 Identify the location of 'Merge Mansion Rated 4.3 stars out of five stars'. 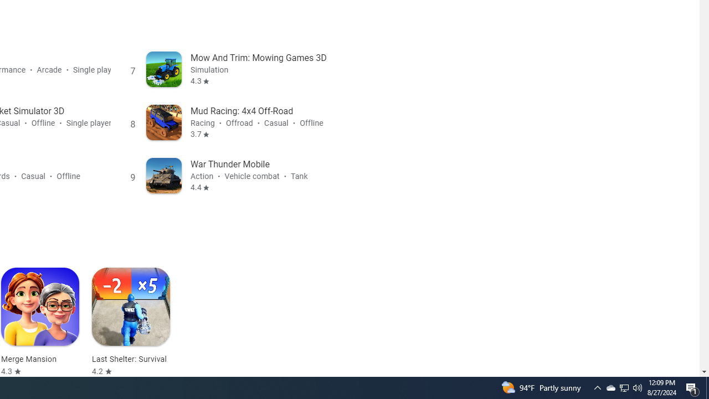
(40, 322).